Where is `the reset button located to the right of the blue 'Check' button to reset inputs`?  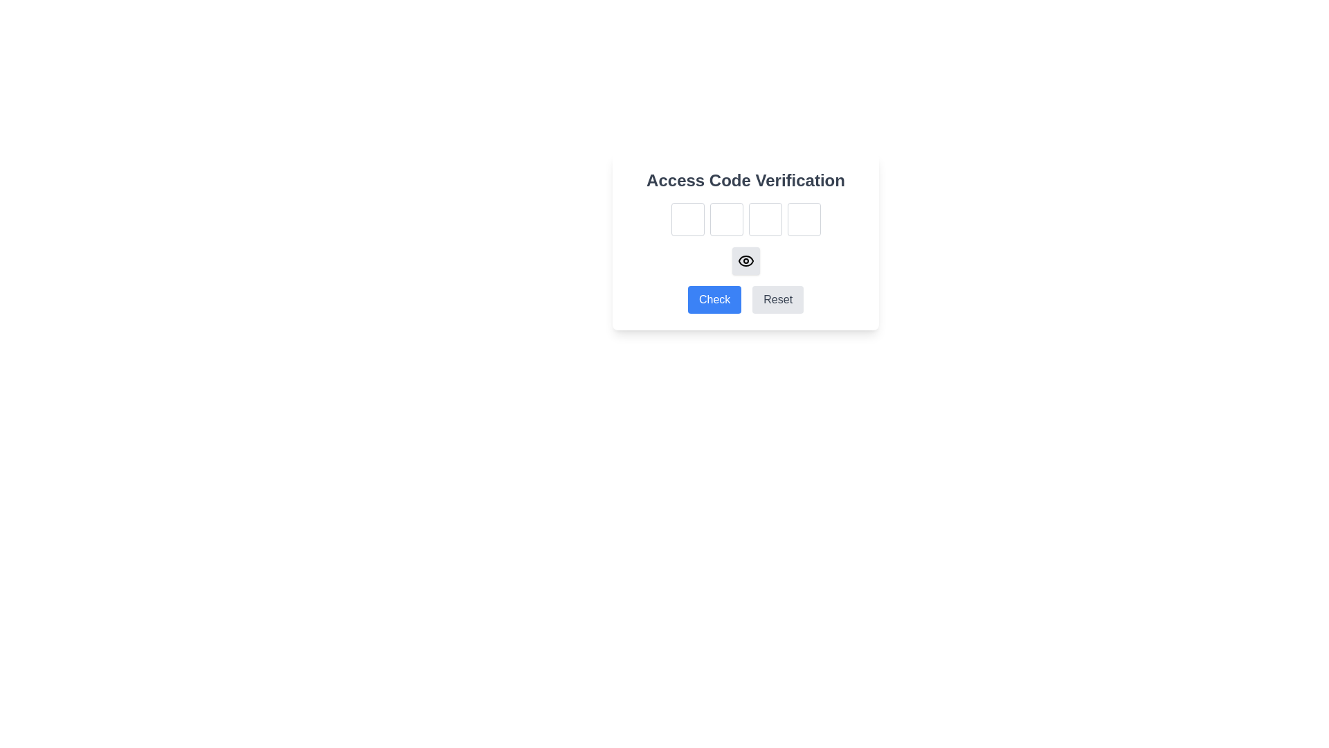 the reset button located to the right of the blue 'Check' button to reset inputs is located at coordinates (777, 299).